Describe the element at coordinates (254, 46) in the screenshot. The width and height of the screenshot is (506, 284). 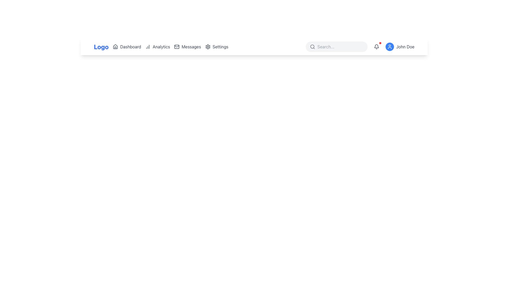
I see `a navigation option in the Navigation bar located at the top-center of the interface` at that location.